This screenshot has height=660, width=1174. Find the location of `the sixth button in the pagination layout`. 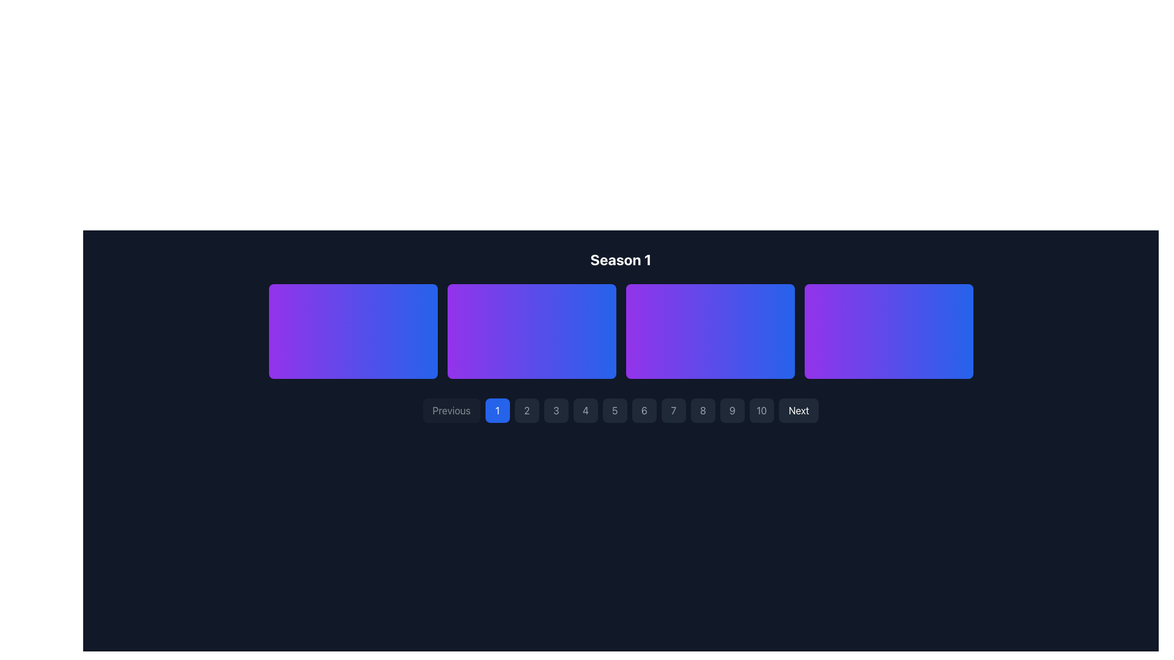

the sixth button in the pagination layout is located at coordinates (643, 411).